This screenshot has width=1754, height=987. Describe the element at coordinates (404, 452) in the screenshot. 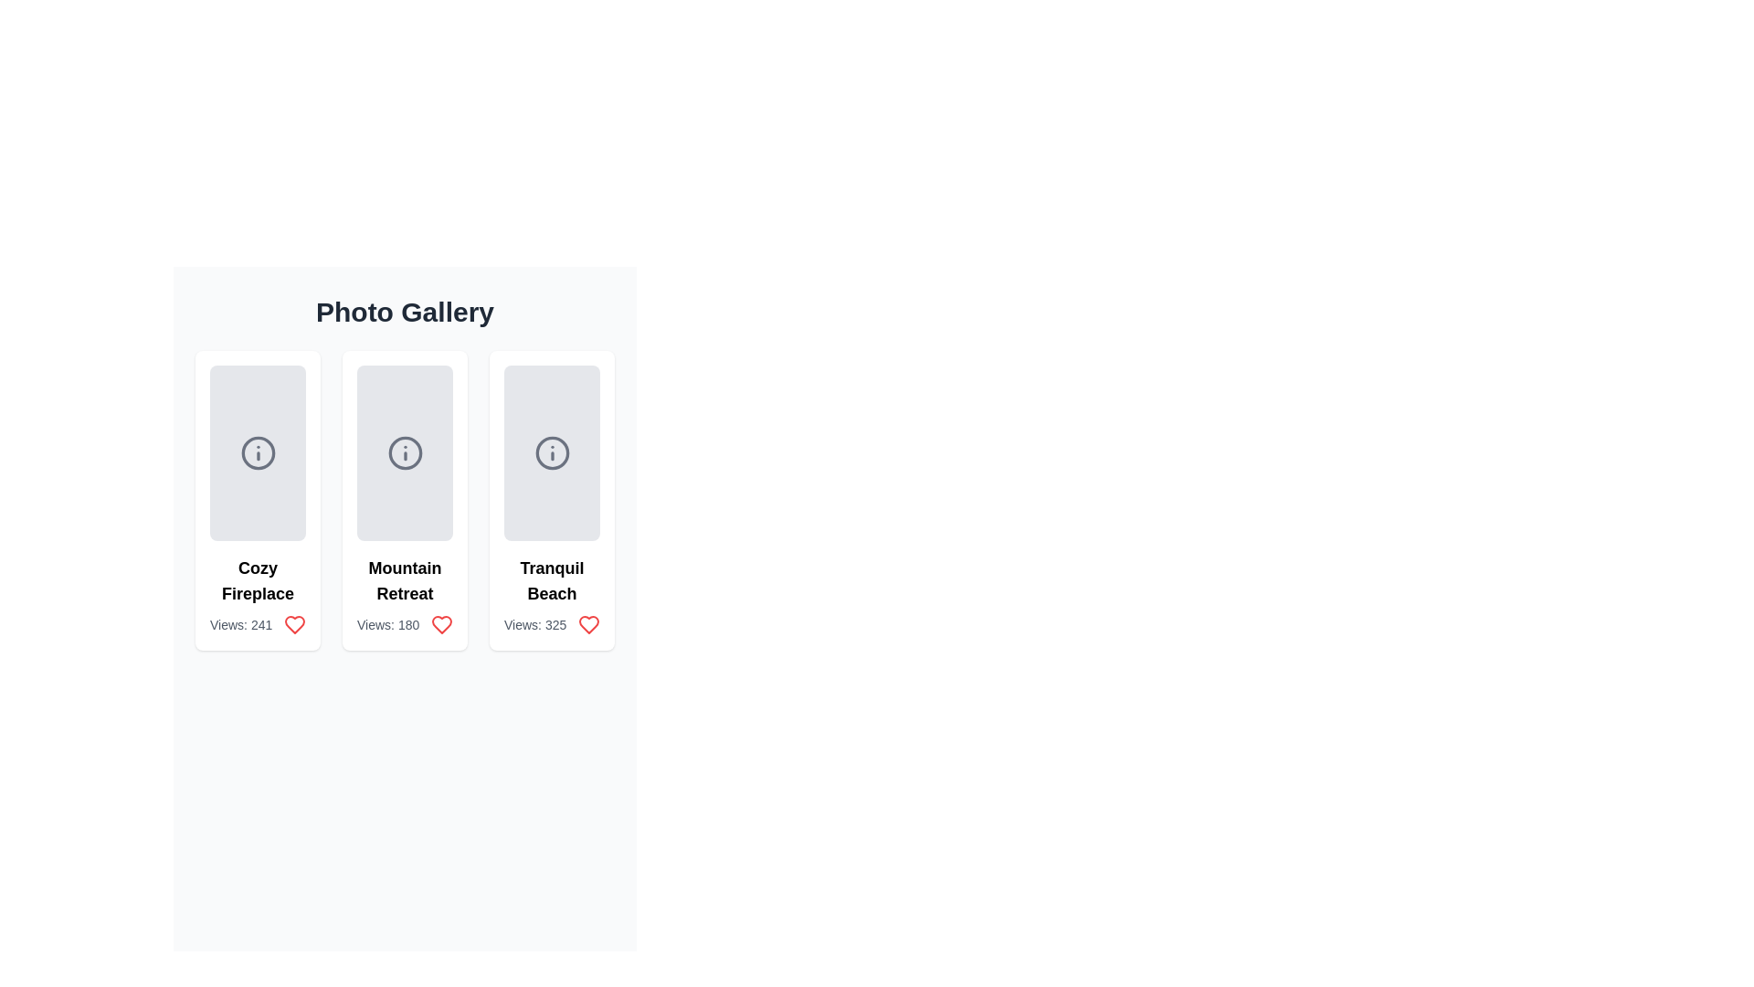

I see `the circular boundary of the 'info' icon in the second card ('Mountain Retreat') within a three-card horizontal layout` at that location.